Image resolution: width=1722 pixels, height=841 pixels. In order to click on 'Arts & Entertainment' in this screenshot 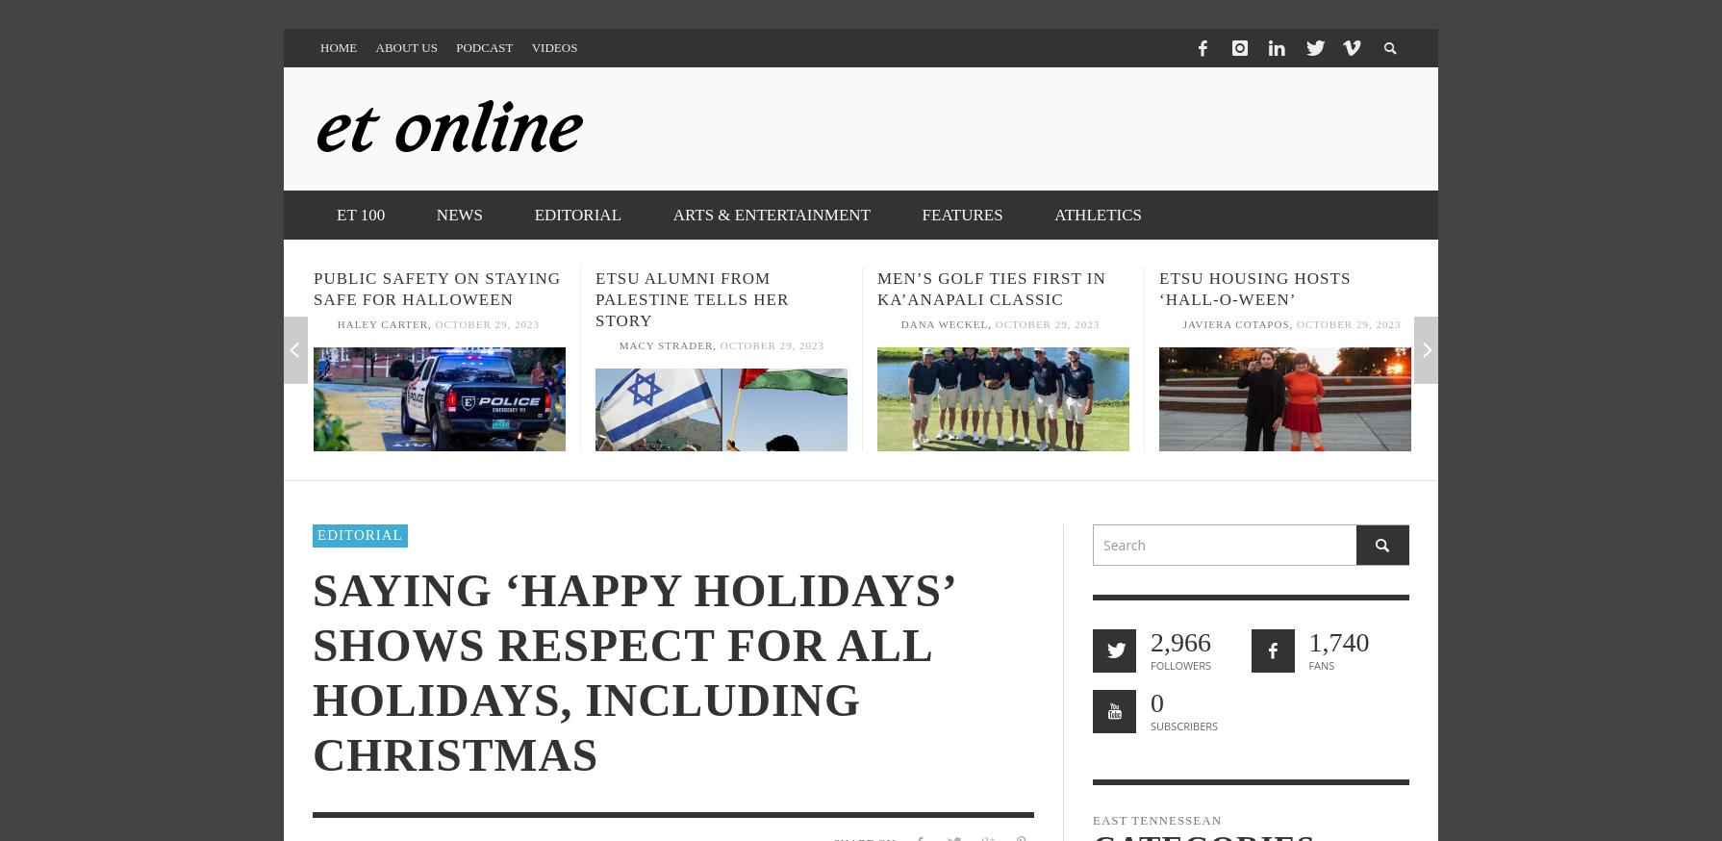, I will do `click(671, 215)`.